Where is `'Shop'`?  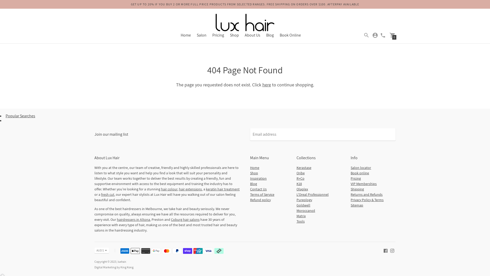 'Shop' is located at coordinates (254, 173).